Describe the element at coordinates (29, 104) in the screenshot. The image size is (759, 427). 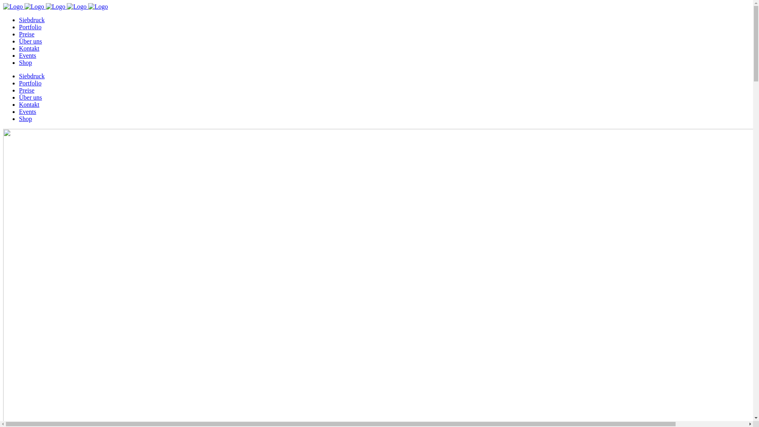
I see `'Kontakt'` at that location.